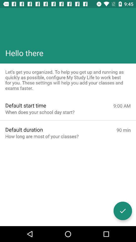 This screenshot has height=242, width=136. What do you see at coordinates (122, 211) in the screenshot?
I see `accept these settings` at bounding box center [122, 211].